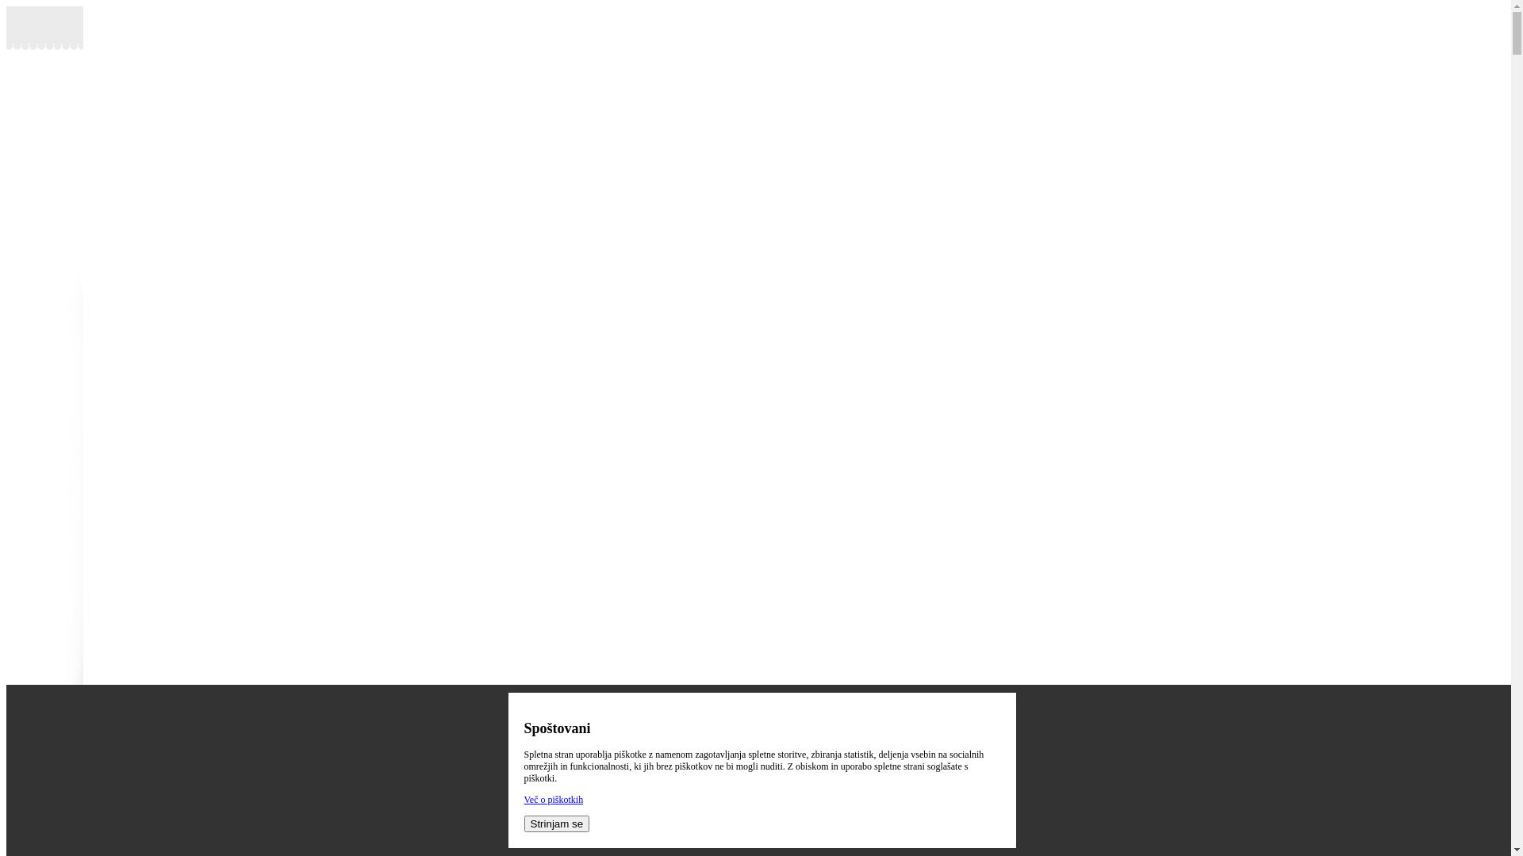 Image resolution: width=1523 pixels, height=856 pixels. I want to click on 'Strinjam se', so click(556, 823).